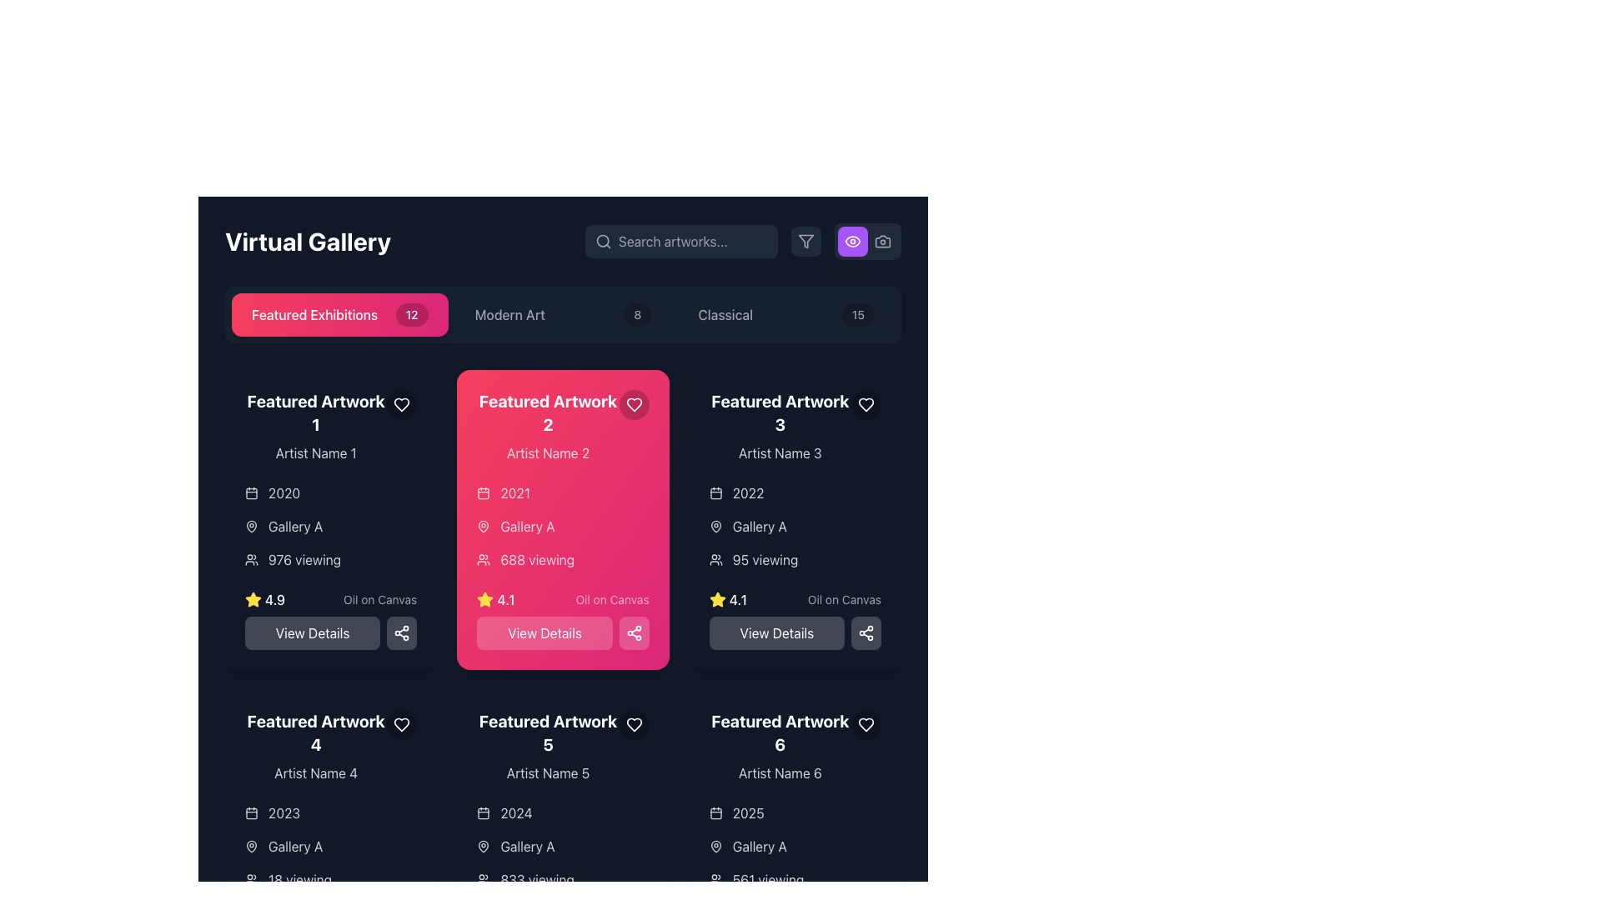  Describe the element at coordinates (331, 600) in the screenshot. I see `the composite informational element displaying the rating '4.9' and the medium 'Oil on Canvas' located in the bottom-left corner of the 'Featured Artwork 1' card` at that location.